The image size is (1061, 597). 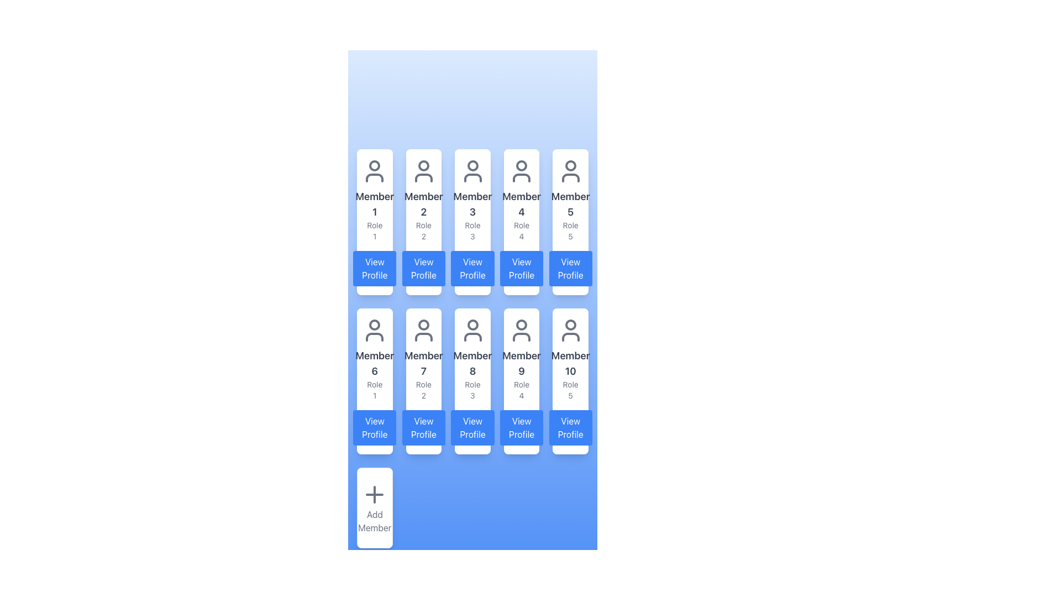 What do you see at coordinates (472, 205) in the screenshot?
I see `the text label that reads 'Member 3', which is centrally aligned within its card interface and above the 'Role 3' description` at bounding box center [472, 205].